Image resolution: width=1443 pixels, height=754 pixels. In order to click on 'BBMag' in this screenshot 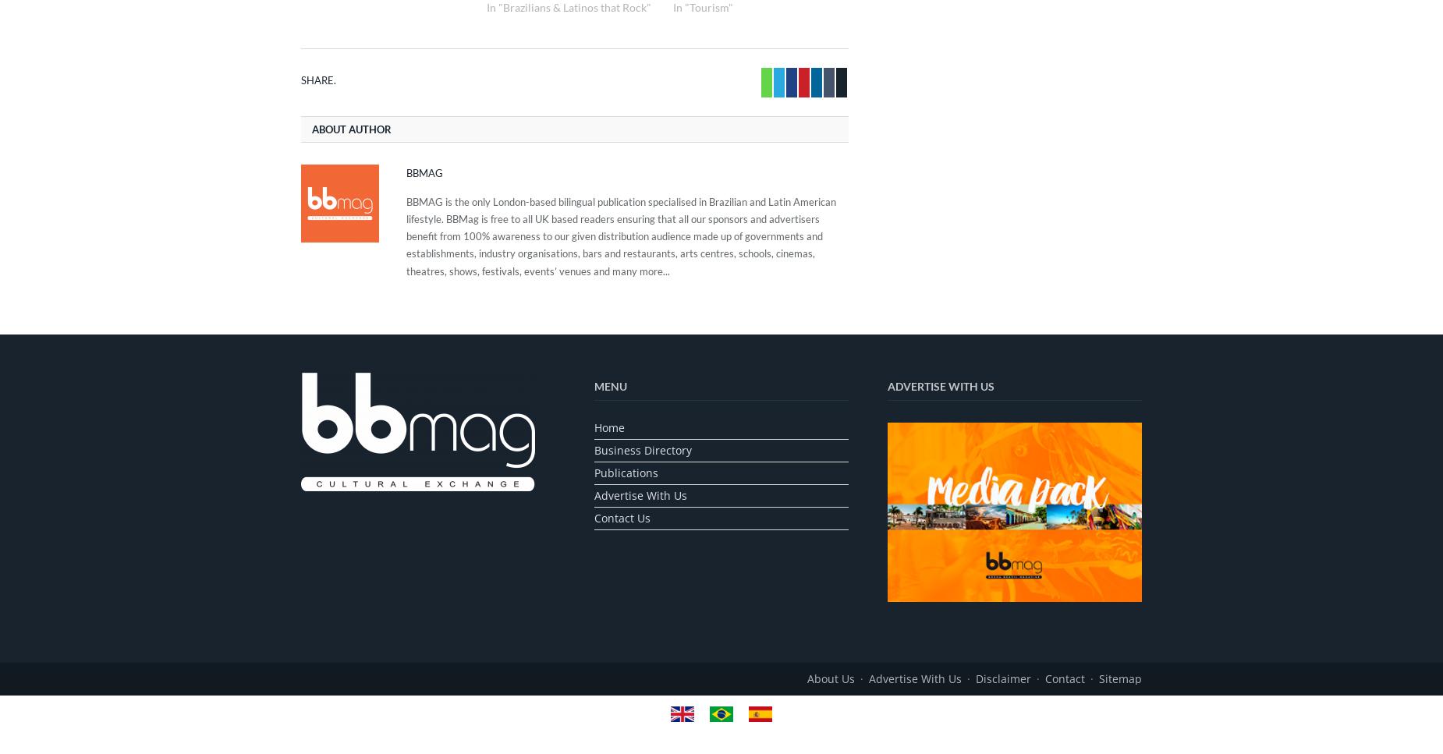, I will do `click(424, 172)`.